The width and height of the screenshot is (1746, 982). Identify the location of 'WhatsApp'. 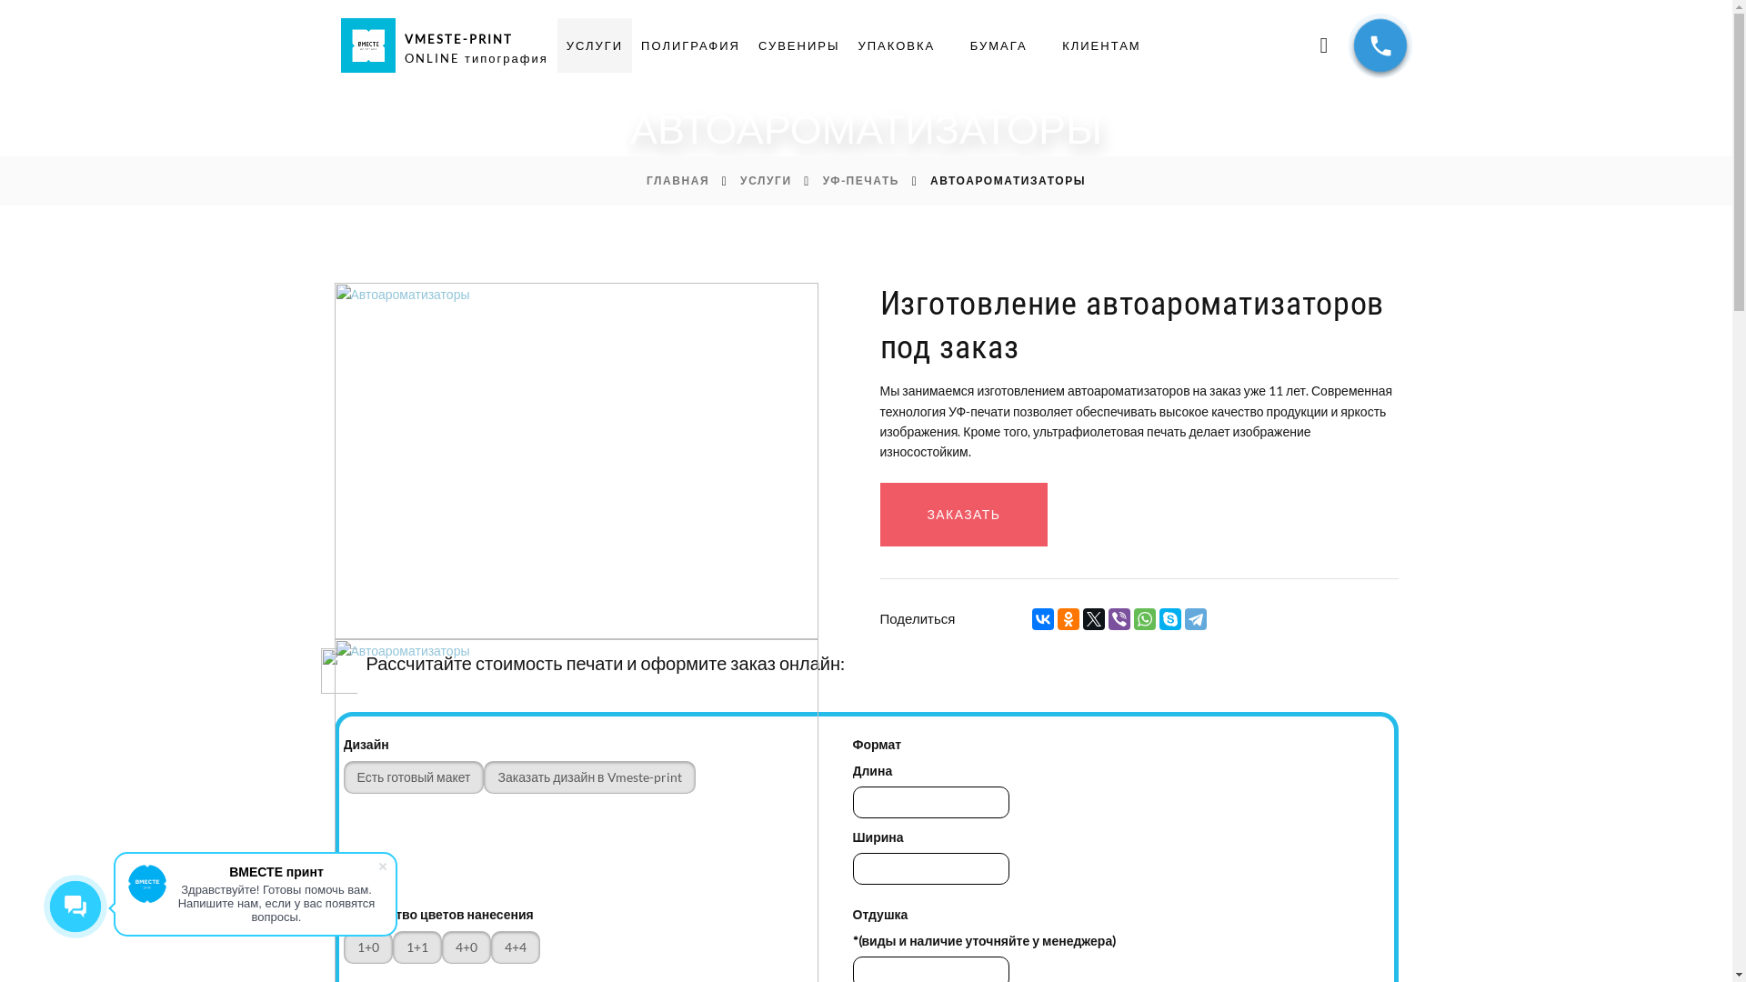
(1143, 618).